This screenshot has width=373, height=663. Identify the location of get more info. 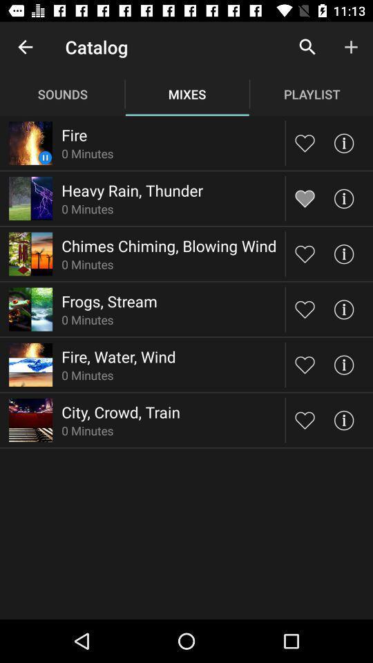
(343, 309).